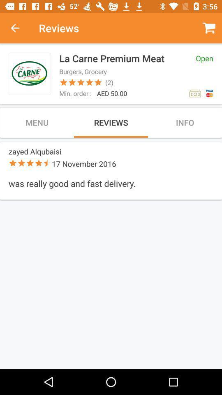 The width and height of the screenshot is (222, 395). Describe the element at coordinates (19, 28) in the screenshot. I see `go back` at that location.